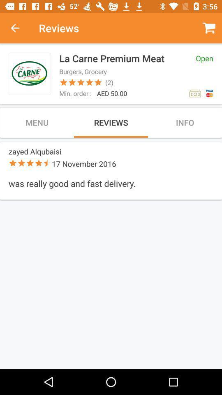 The width and height of the screenshot is (222, 395). Describe the element at coordinates (19, 28) in the screenshot. I see `go back` at that location.